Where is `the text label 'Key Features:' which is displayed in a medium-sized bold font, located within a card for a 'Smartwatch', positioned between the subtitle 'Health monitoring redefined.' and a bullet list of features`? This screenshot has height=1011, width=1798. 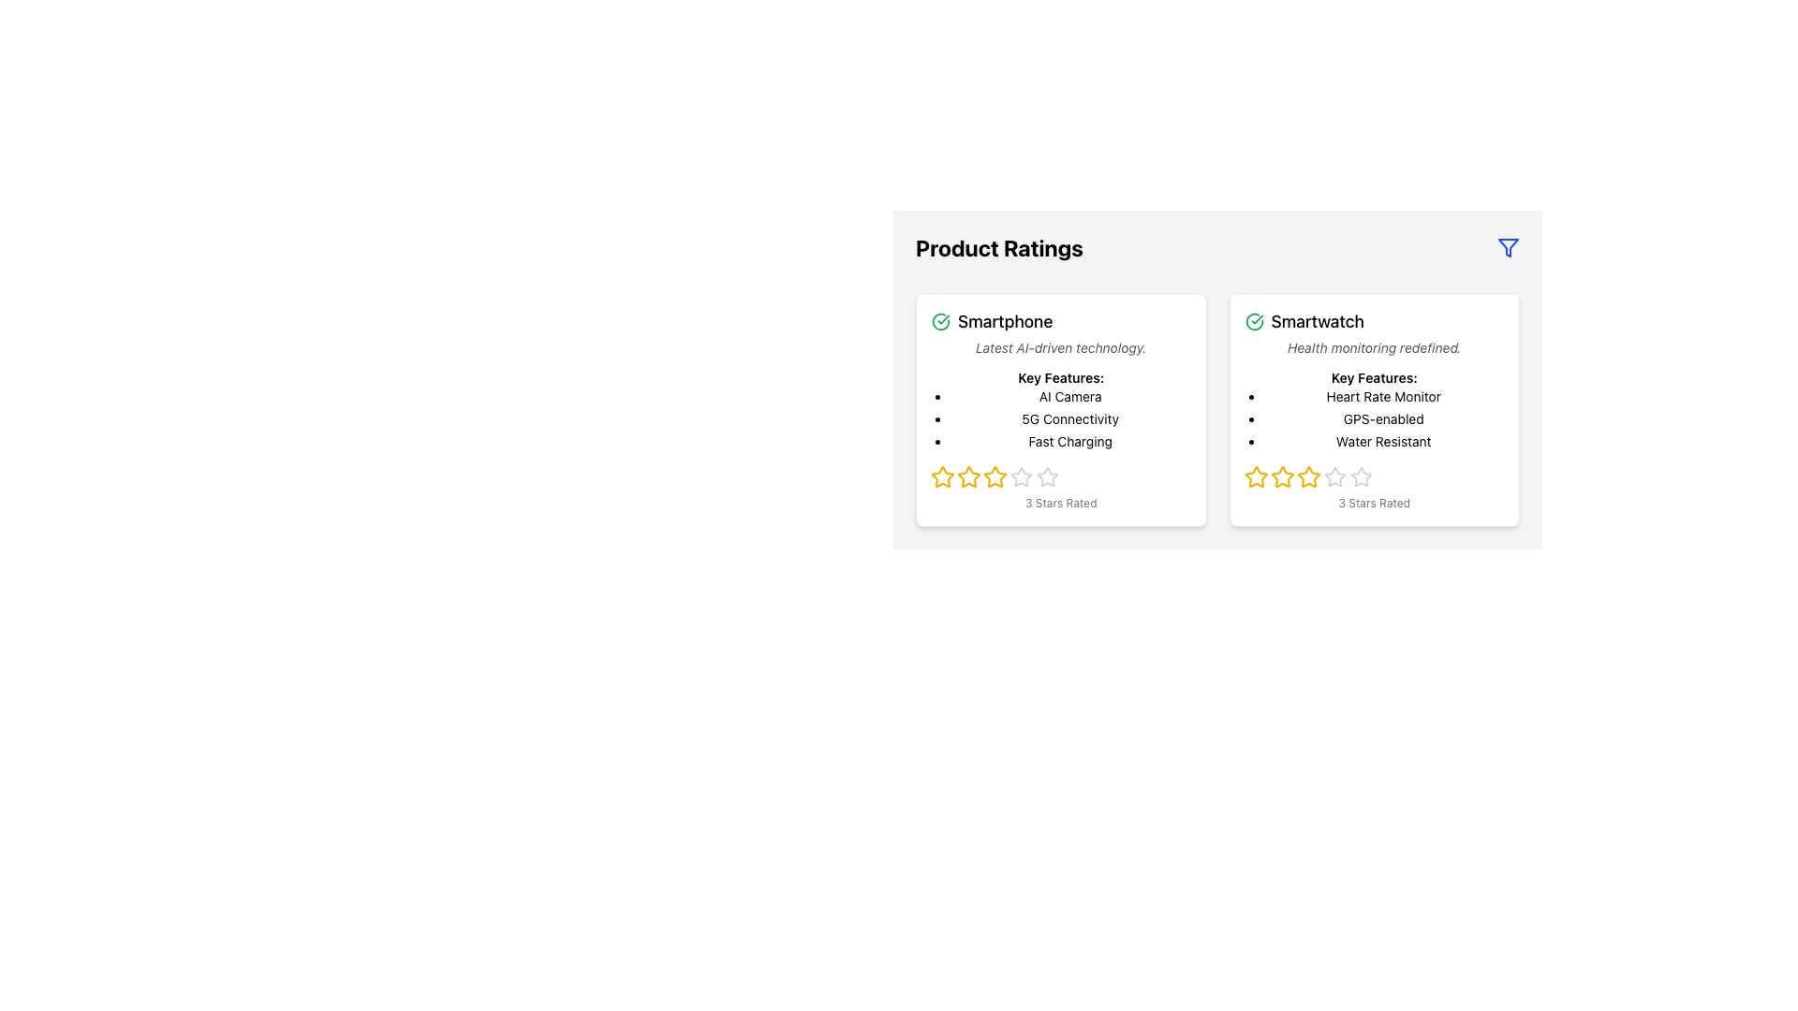
the text label 'Key Features:' which is displayed in a medium-sized bold font, located within a card for a 'Smartwatch', positioned between the subtitle 'Health monitoring redefined.' and a bullet list of features is located at coordinates (1374, 378).